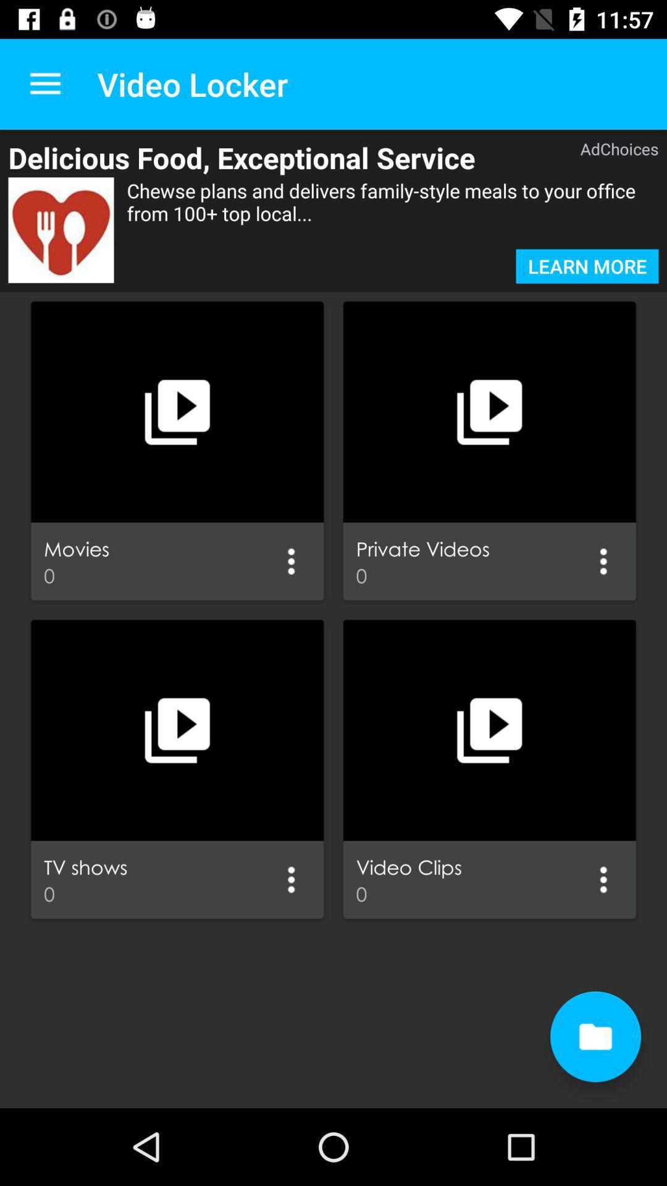 This screenshot has height=1186, width=667. I want to click on document option, so click(595, 1037).